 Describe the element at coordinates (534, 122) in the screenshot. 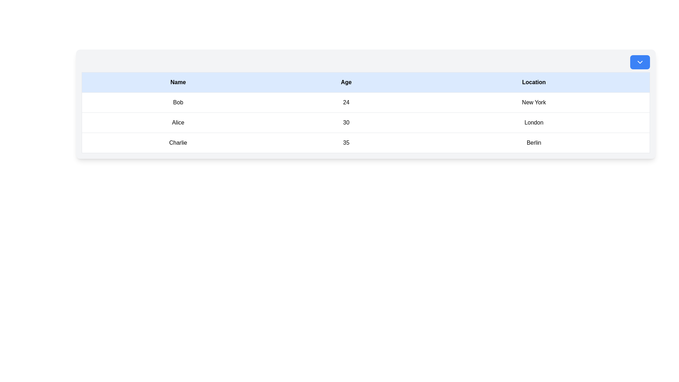

I see `text label displaying 'London' which is located in the third column of the second row in the table under the 'Location' header` at that location.